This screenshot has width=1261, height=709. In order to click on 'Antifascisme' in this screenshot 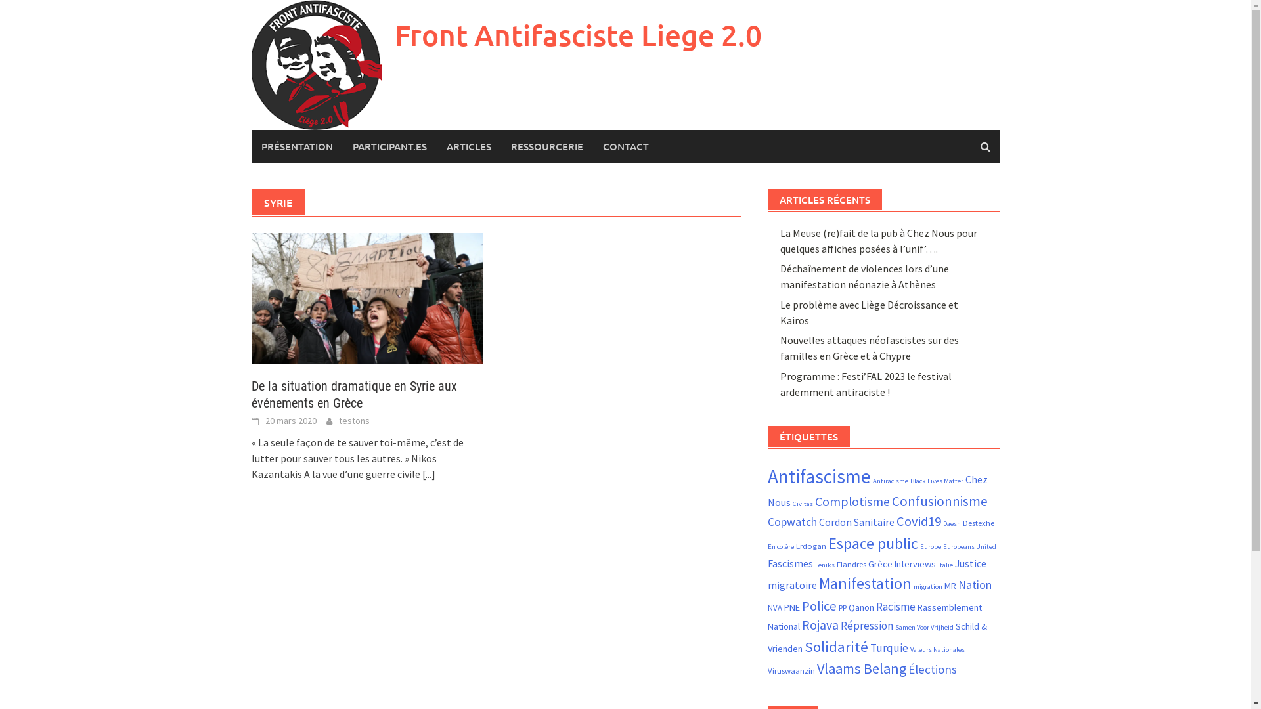, I will do `click(818, 476)`.